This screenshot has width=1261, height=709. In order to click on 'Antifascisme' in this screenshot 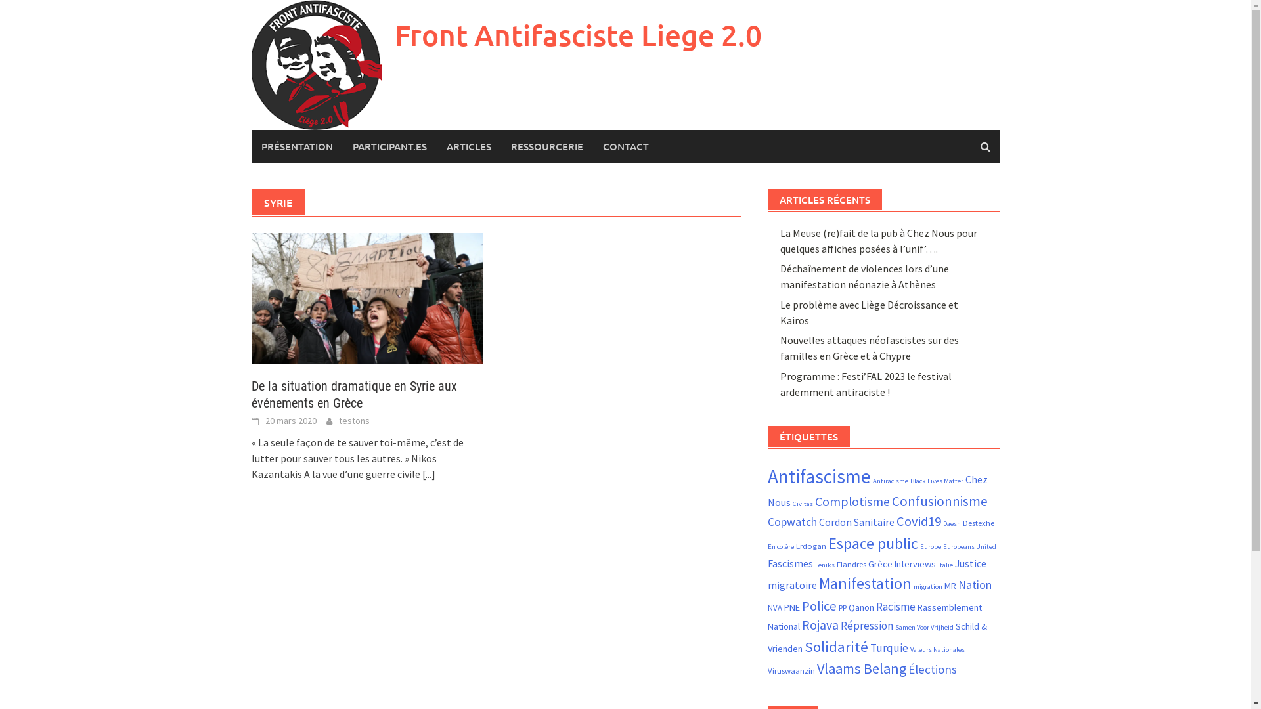, I will do `click(818, 476)`.